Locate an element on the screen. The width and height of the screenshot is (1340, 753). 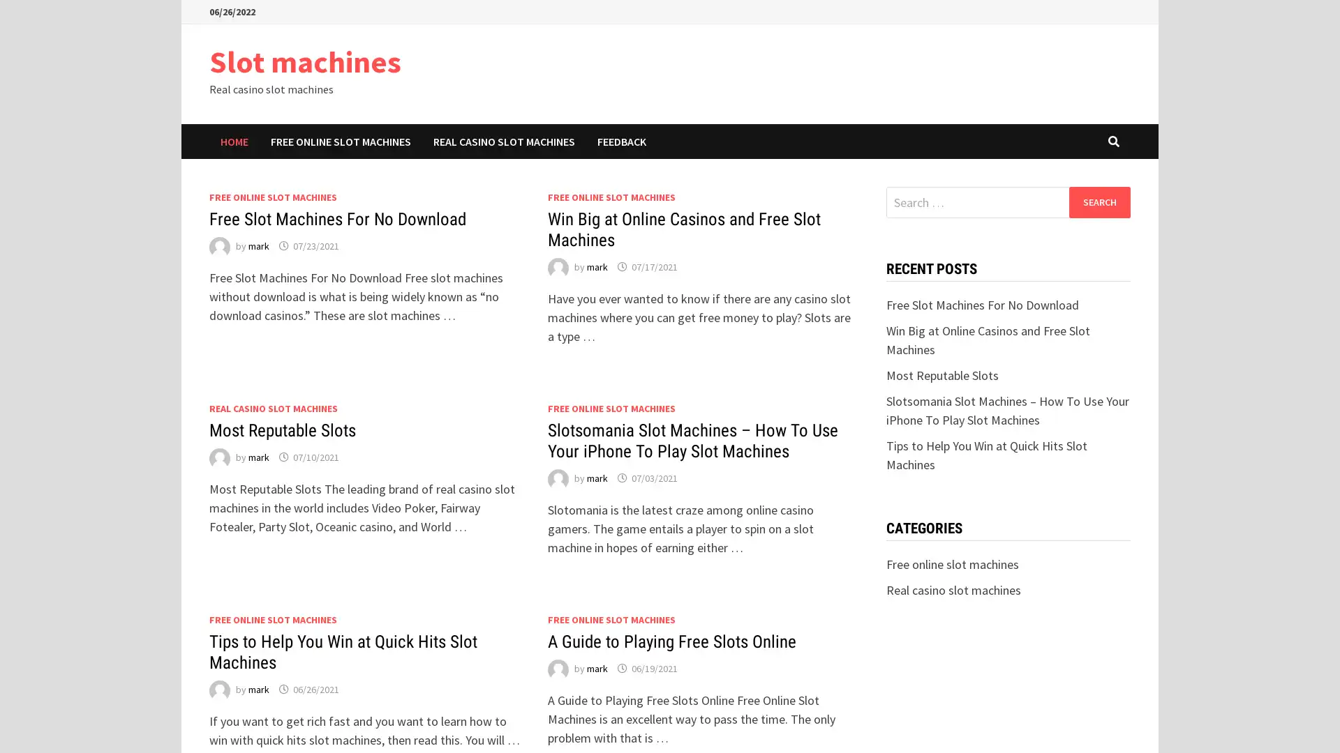
Search is located at coordinates (1099, 201).